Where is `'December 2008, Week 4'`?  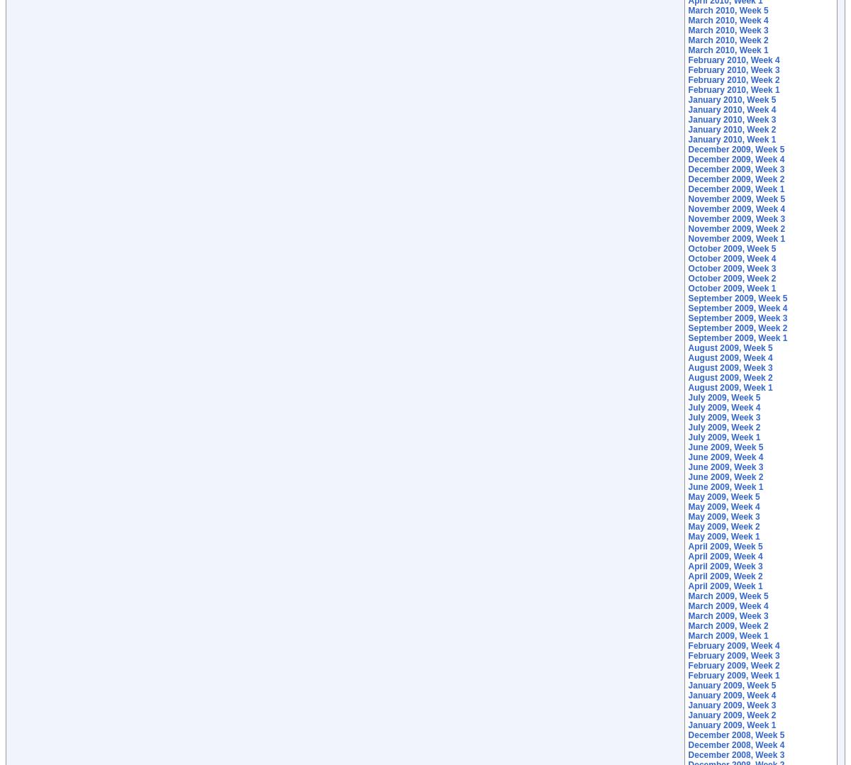
'December 2008, Week 4' is located at coordinates (736, 744).